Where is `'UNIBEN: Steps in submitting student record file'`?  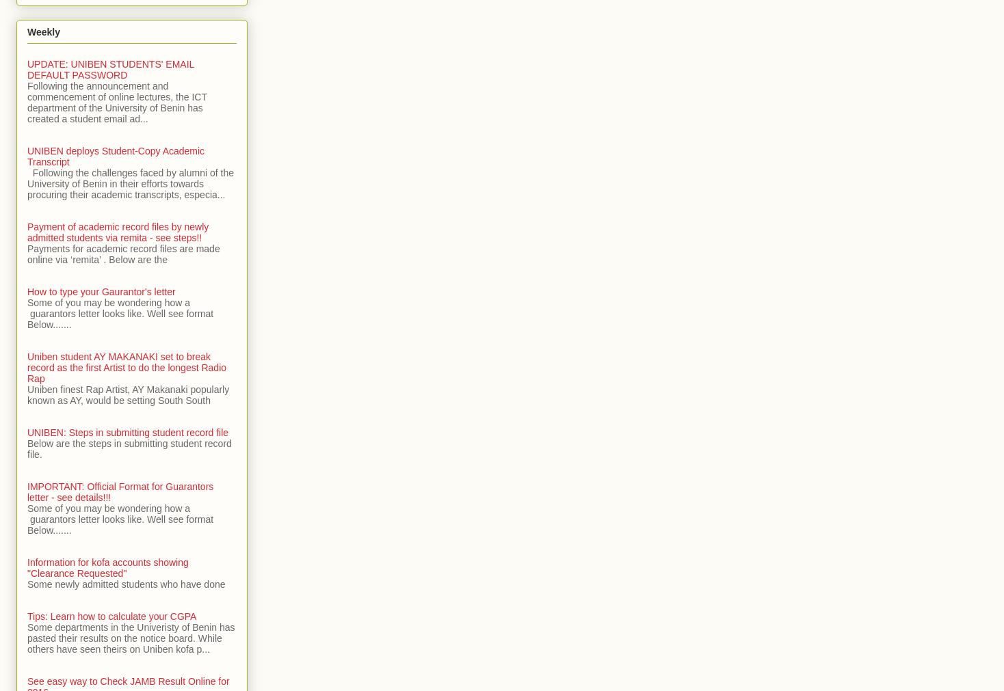 'UNIBEN: Steps in submitting student record file' is located at coordinates (128, 431).